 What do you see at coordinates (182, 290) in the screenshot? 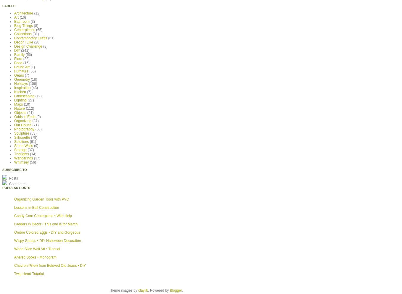
I see `'.'` at bounding box center [182, 290].